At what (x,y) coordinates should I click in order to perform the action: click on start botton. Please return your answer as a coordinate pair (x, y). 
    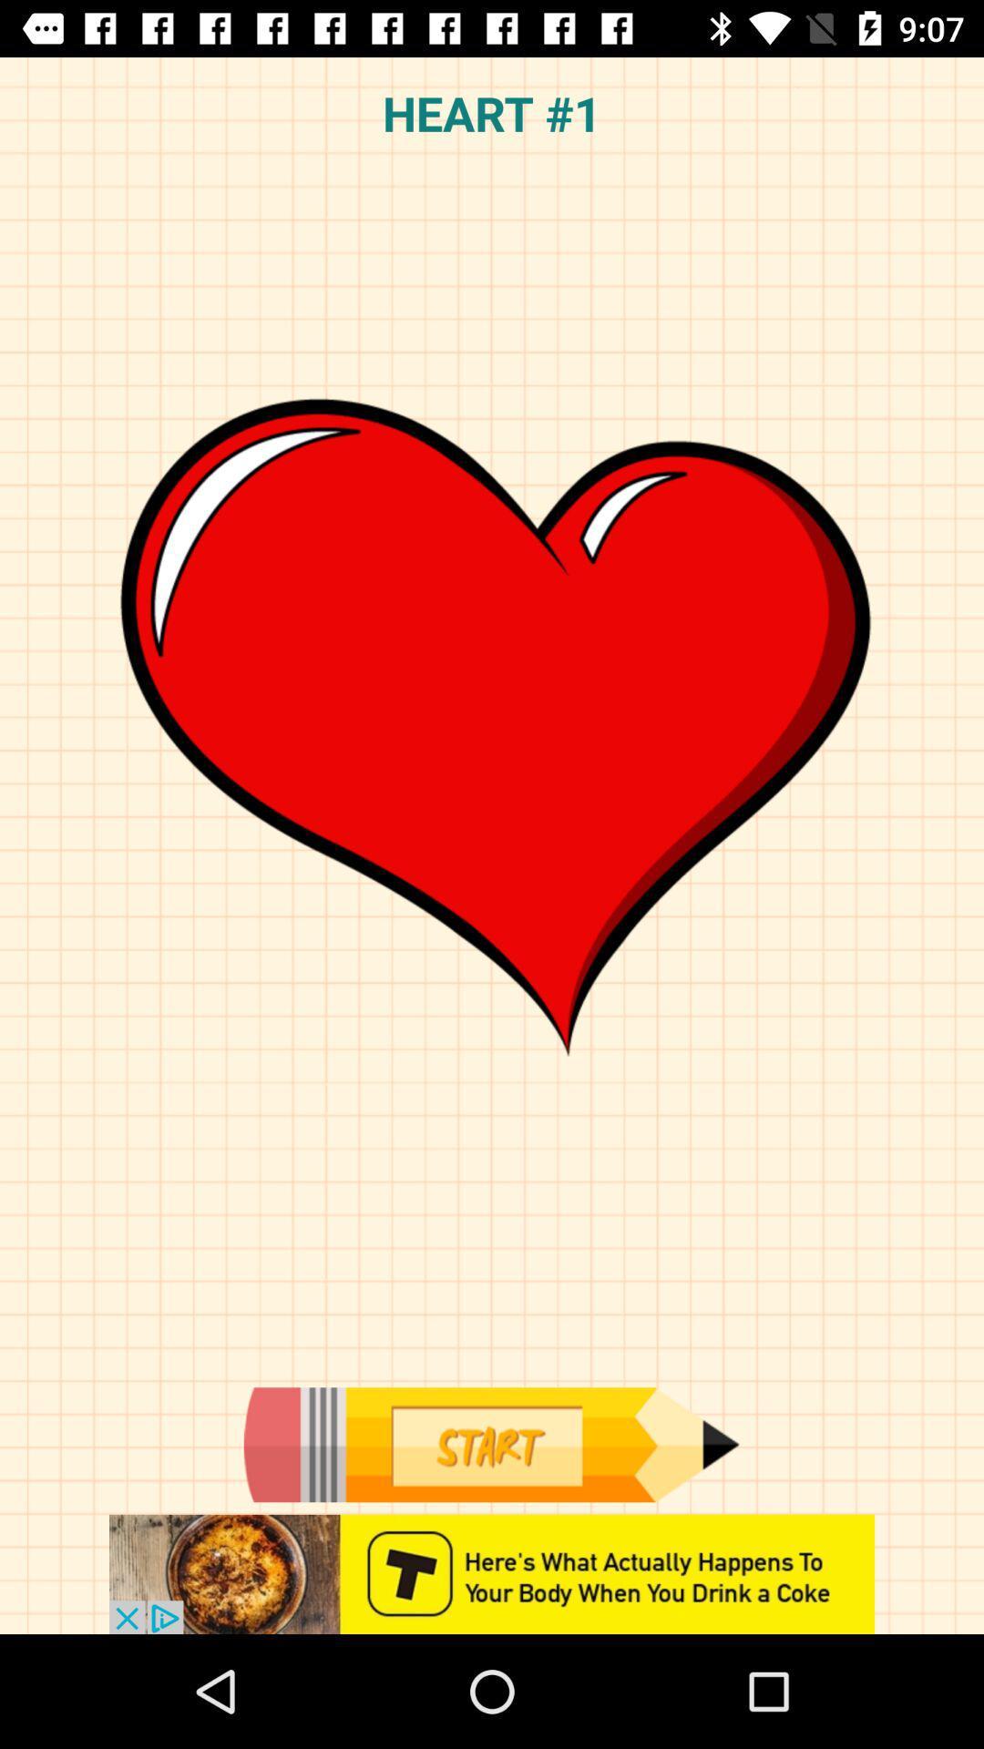
    Looking at the image, I should click on (490, 1444).